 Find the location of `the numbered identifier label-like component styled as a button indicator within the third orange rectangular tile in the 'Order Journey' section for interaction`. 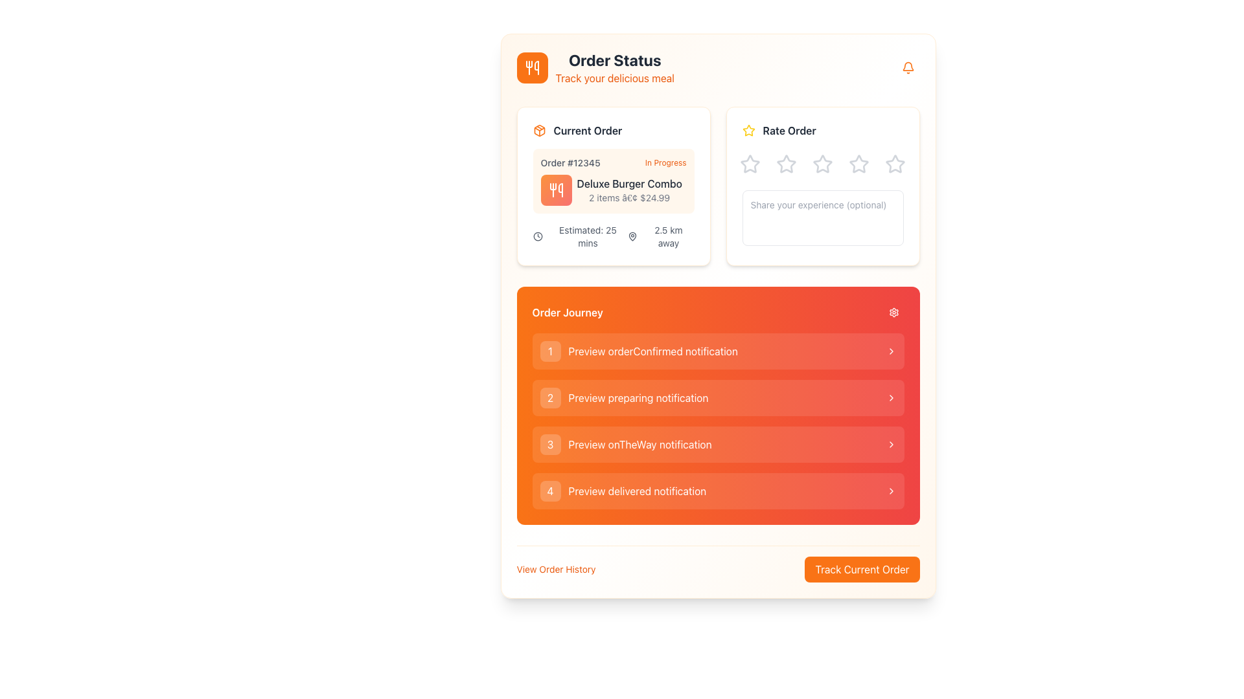

the numbered identifier label-like component styled as a button indicator within the third orange rectangular tile in the 'Order Journey' section for interaction is located at coordinates (550, 443).